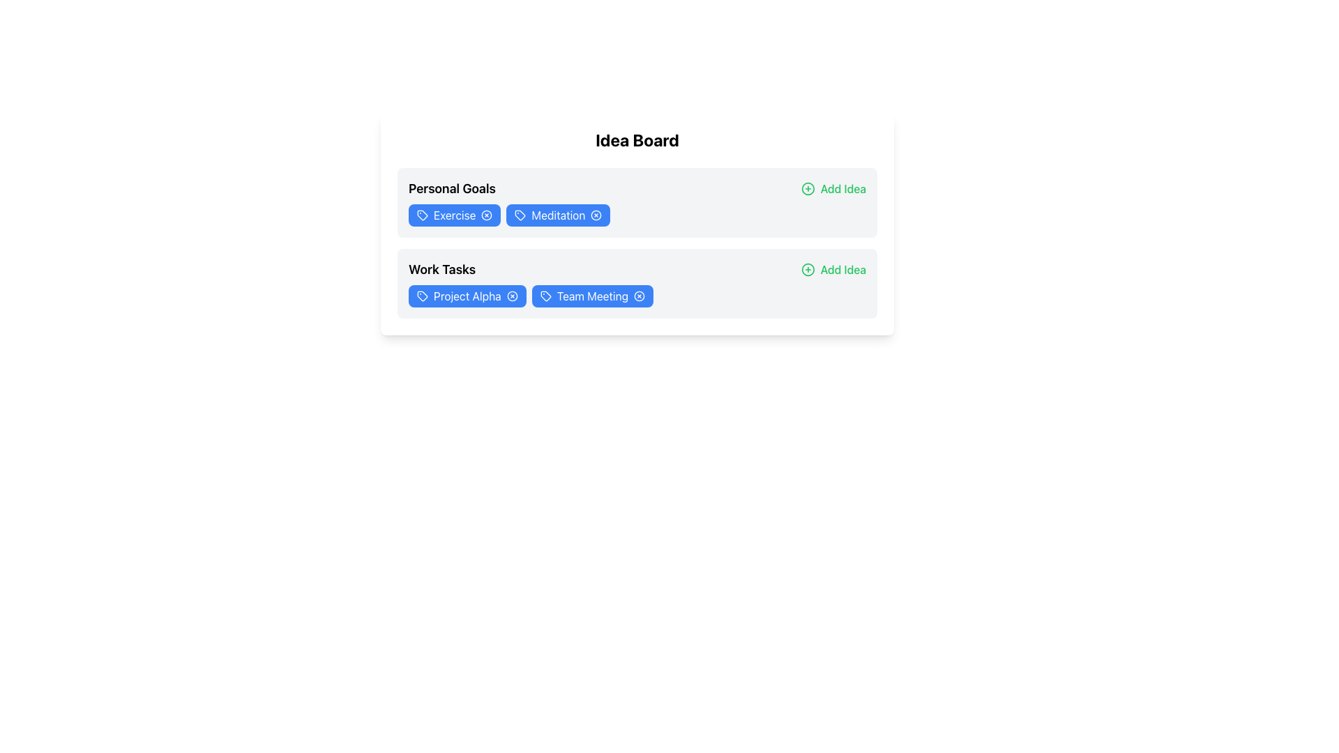  What do you see at coordinates (833, 188) in the screenshot?
I see `the 'Add Idea' button, which features a green circle icon with a white plus sign and a green text label, located in the top-right section of the 'Personal Goals' panel` at bounding box center [833, 188].